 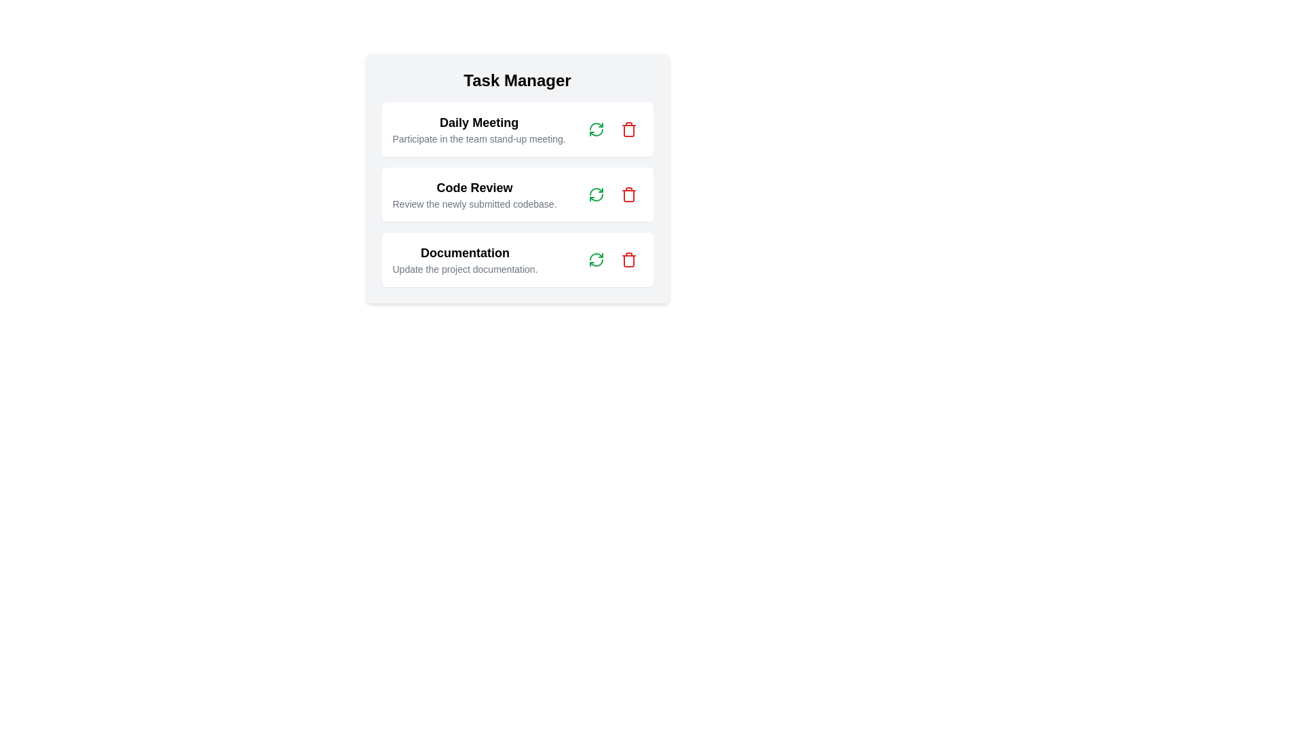 I want to click on the text label that says 'Review the newly submitted codebase.' which is located directly beneath the title 'Code Review' in the task management interface, so click(x=474, y=204).